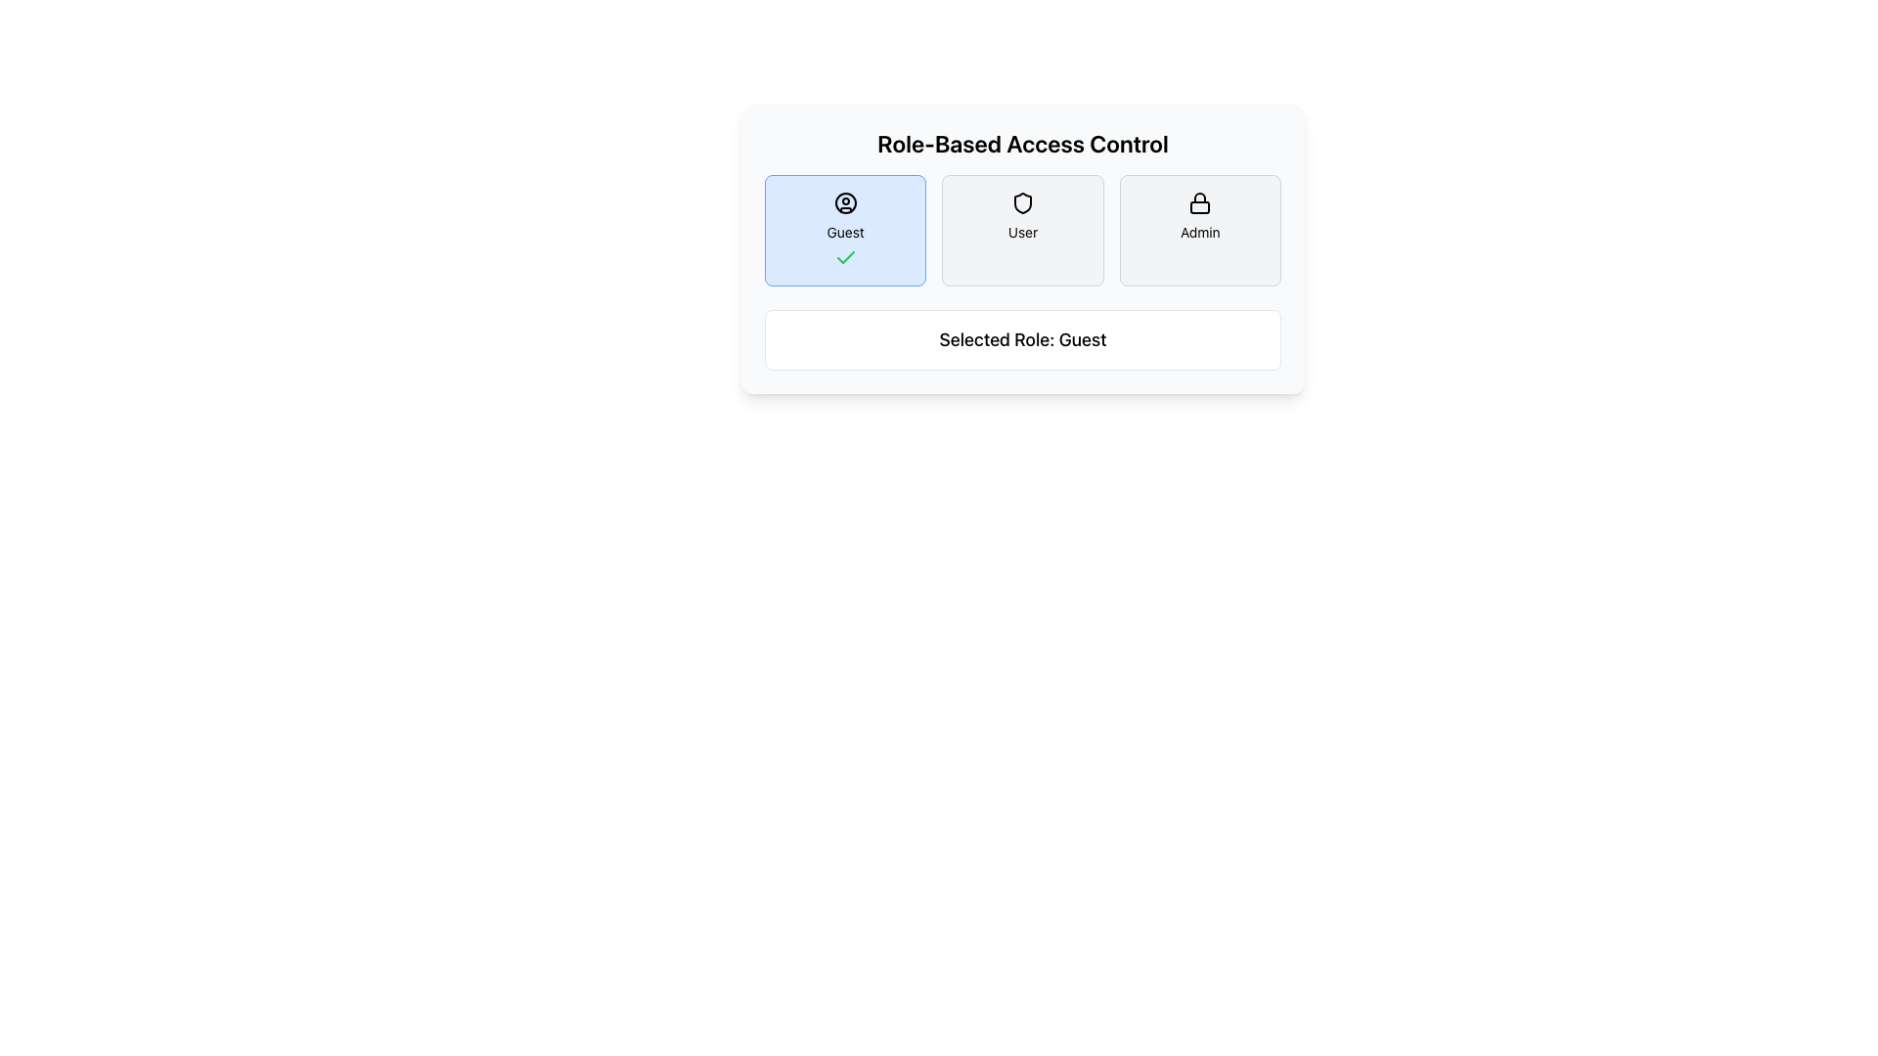 This screenshot has height=1056, width=1878. What do you see at coordinates (845, 203) in the screenshot?
I see `the decorative circle SVG element that is part of the 'Guest' icon in the Role-Based Access Control section` at bounding box center [845, 203].